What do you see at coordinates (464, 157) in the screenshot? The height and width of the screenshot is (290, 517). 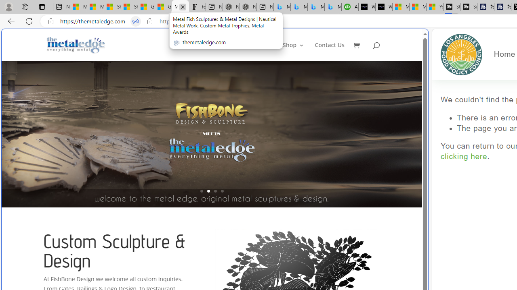 I see `'clicking here'` at bounding box center [464, 157].